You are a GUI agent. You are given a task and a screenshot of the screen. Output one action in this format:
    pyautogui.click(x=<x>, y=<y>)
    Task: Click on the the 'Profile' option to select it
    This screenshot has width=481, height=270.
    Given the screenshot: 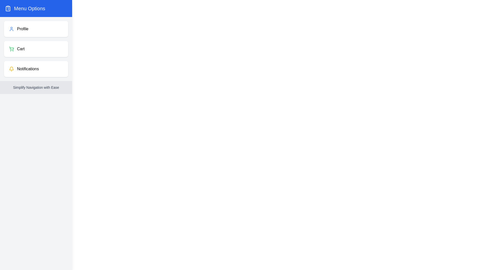 What is the action you would take?
    pyautogui.click(x=36, y=29)
    